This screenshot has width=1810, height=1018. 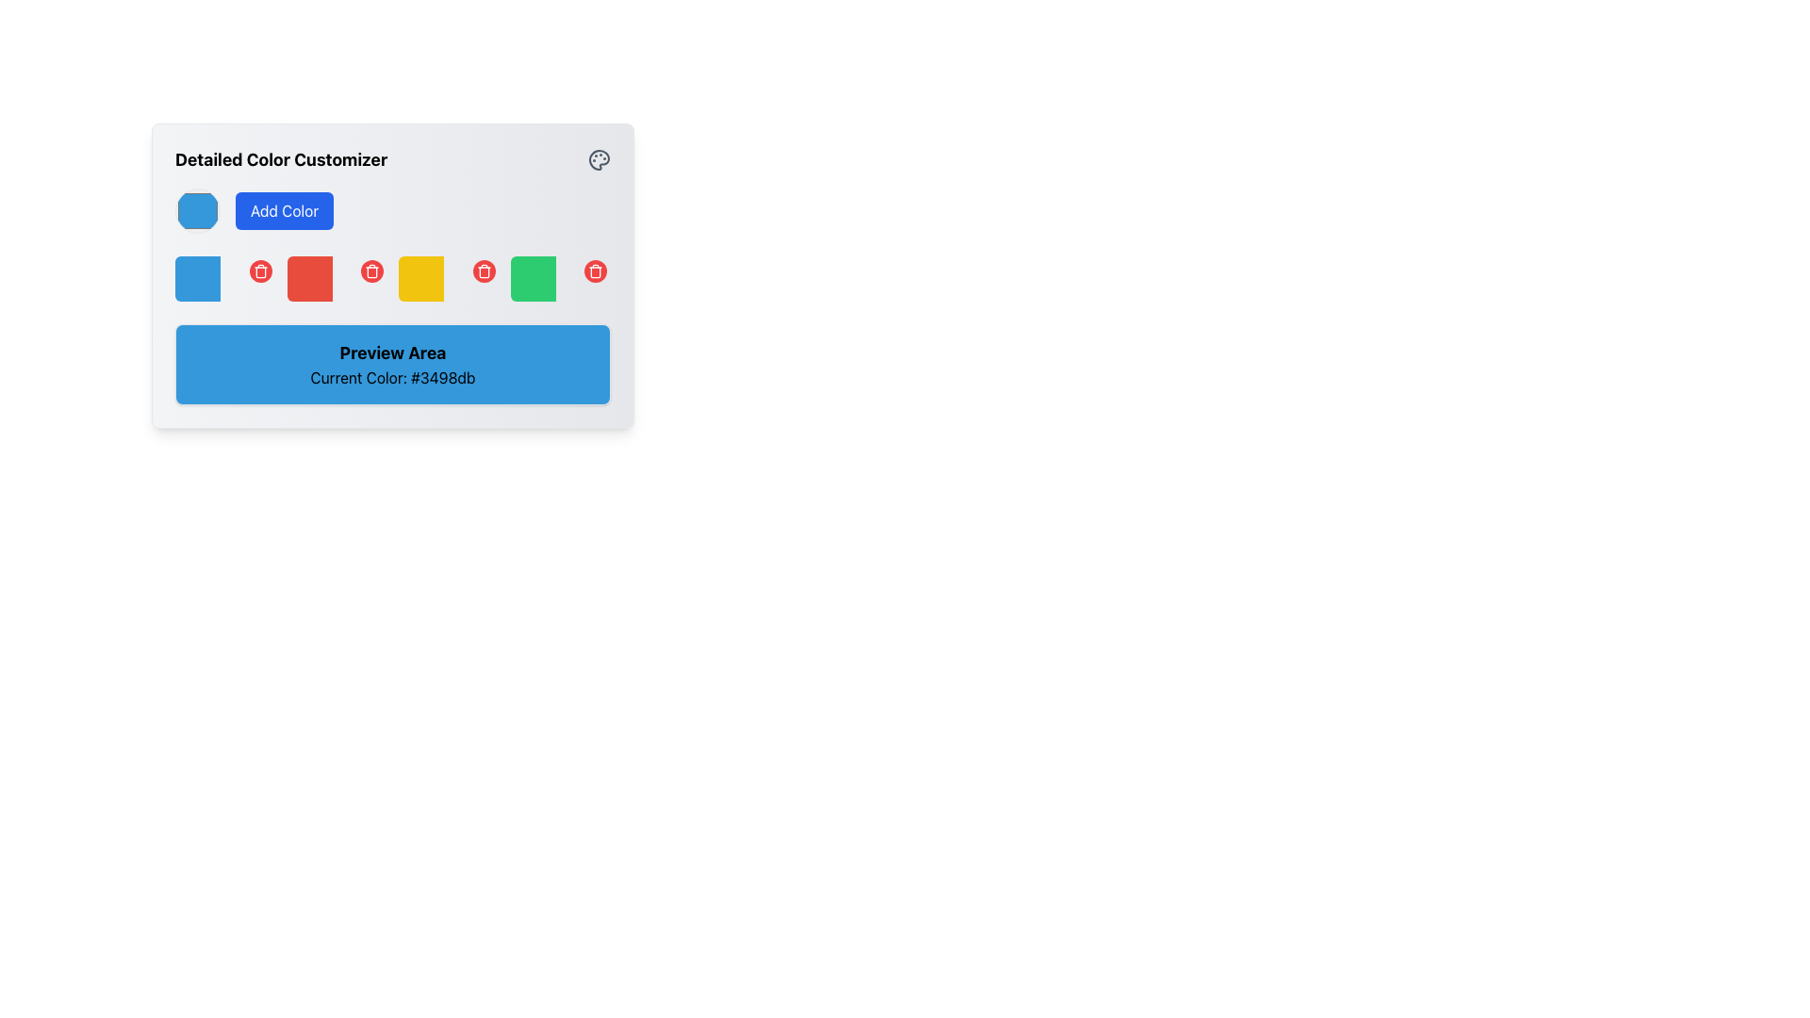 What do you see at coordinates (198, 279) in the screenshot?
I see `the first blue button in the sequence of buttons below the 'Add Color' button for keyboard navigation` at bounding box center [198, 279].